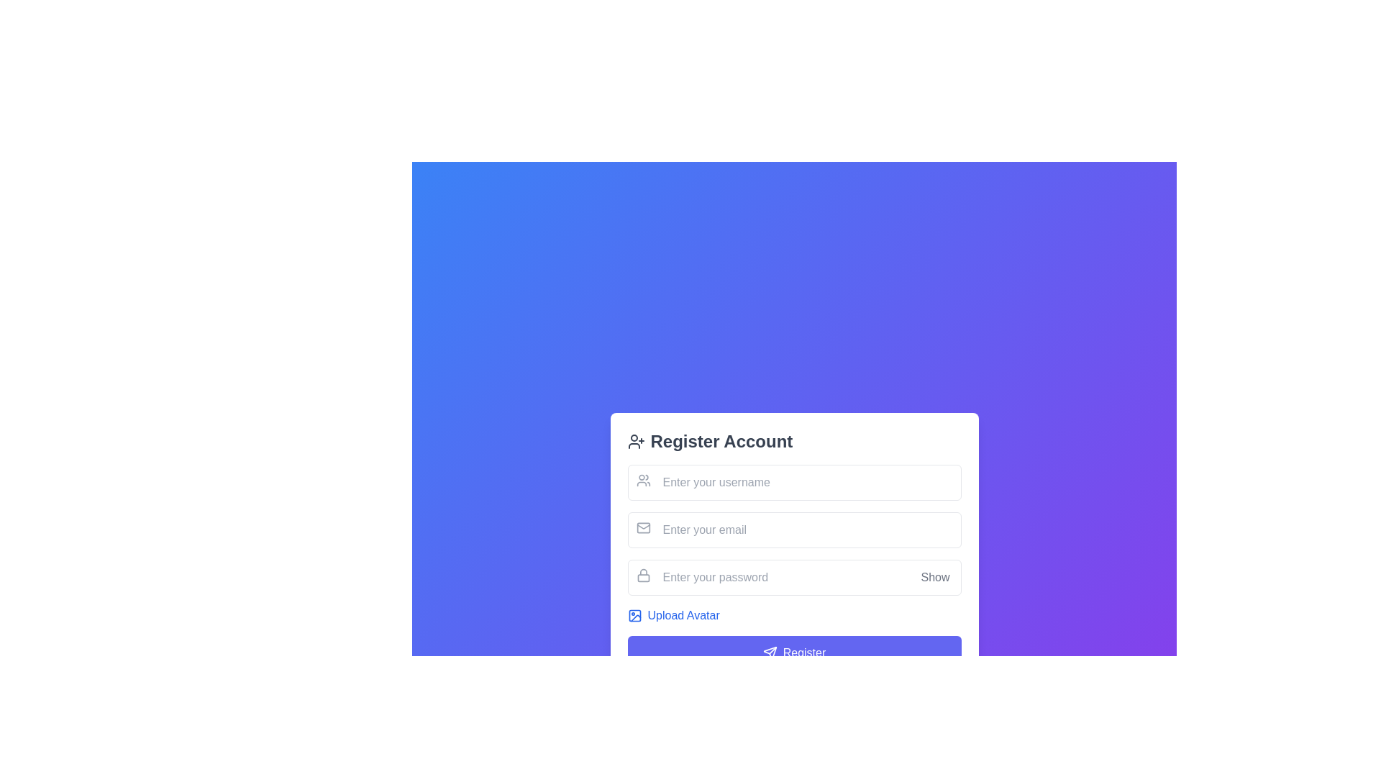 This screenshot has height=777, width=1381. What do you see at coordinates (642, 527) in the screenshot?
I see `the SVG icon that signifies the email input field, located at the top-left corner of the email input box near the label 'Enter your email'` at bounding box center [642, 527].